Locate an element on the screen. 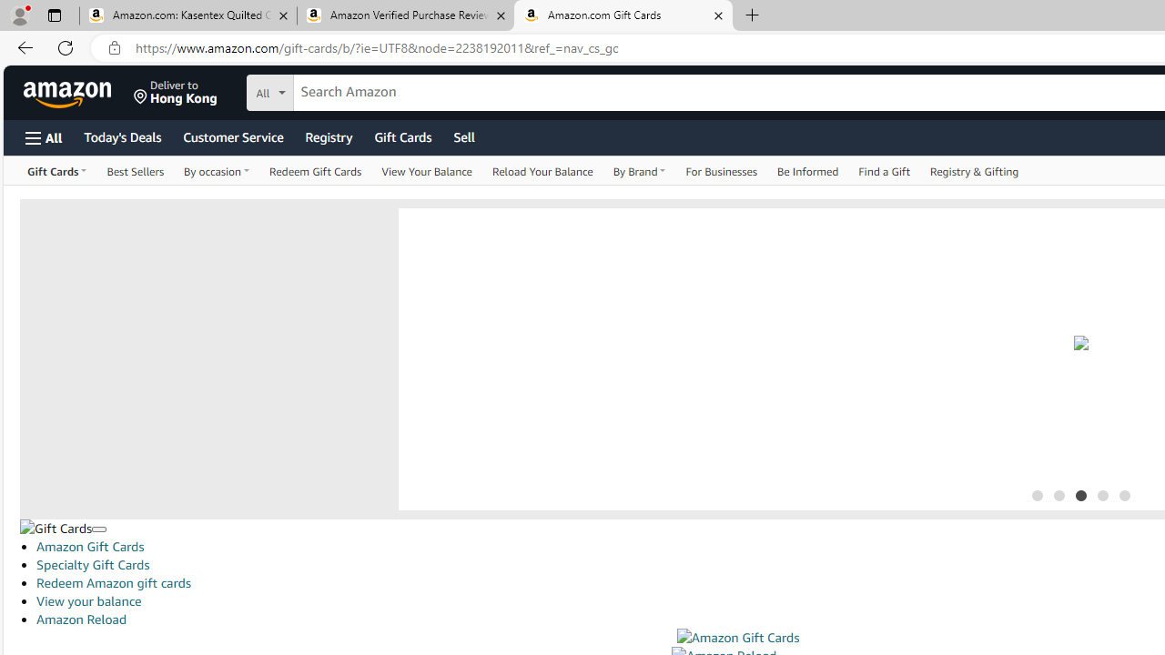  'Open Menu' is located at coordinates (44, 136).